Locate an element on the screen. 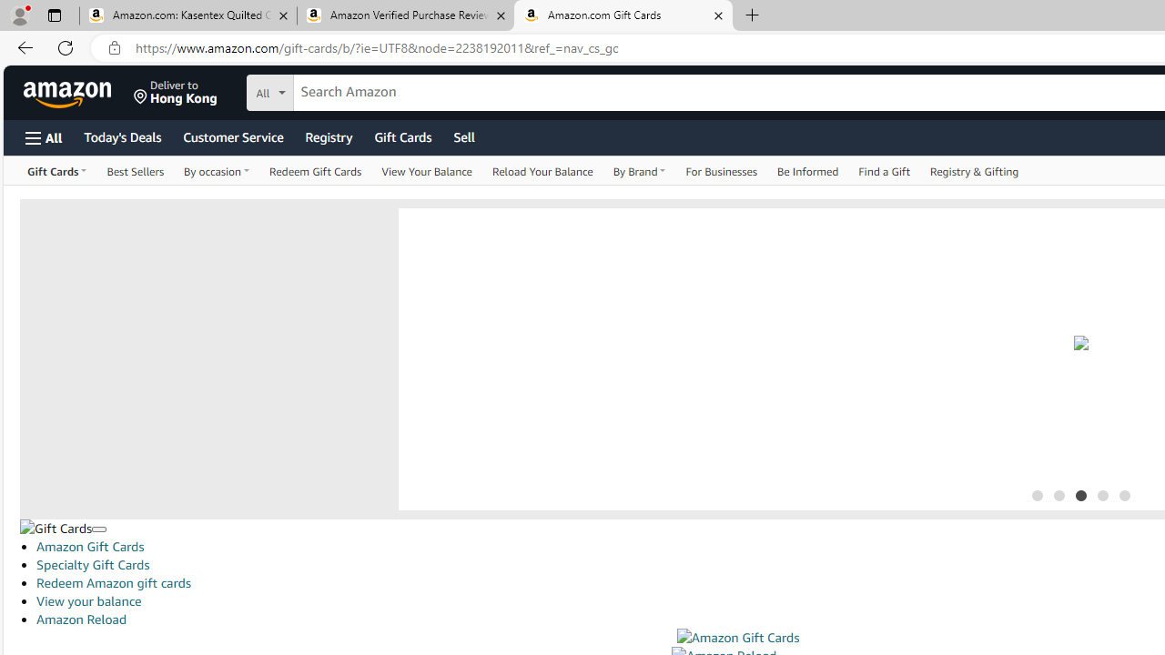  'Open Menu' is located at coordinates (44, 136).